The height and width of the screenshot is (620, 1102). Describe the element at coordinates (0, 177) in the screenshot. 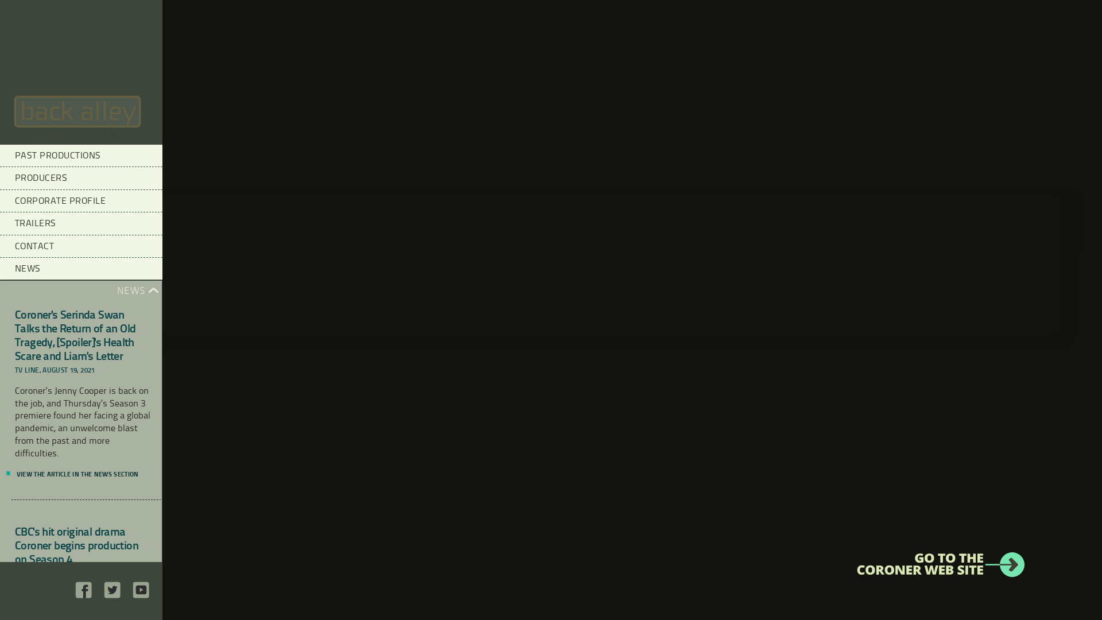

I see `'PRODUCERS'` at that location.